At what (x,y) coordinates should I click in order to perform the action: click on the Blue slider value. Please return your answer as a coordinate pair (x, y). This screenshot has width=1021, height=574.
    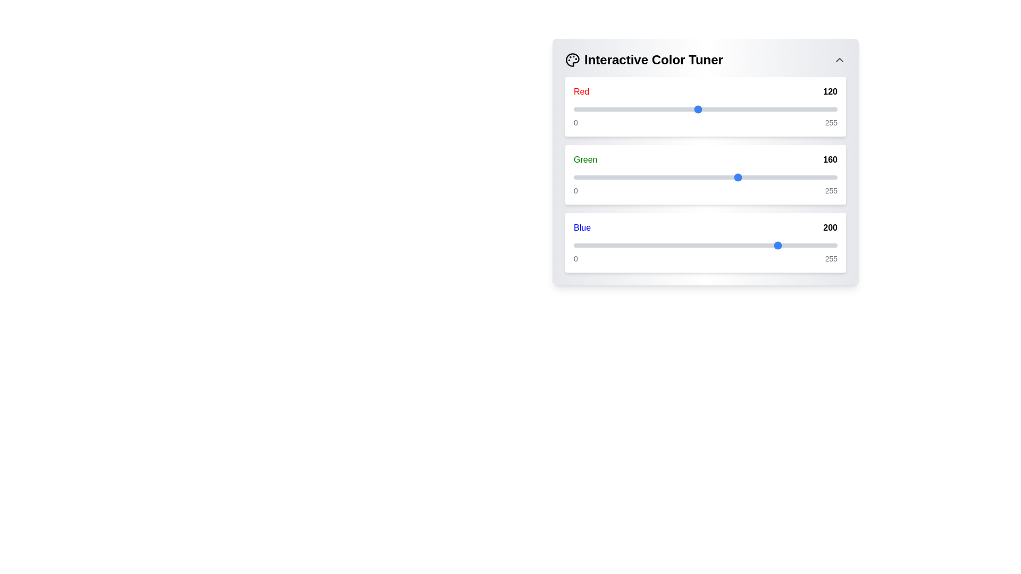
    Looking at the image, I should click on (793, 246).